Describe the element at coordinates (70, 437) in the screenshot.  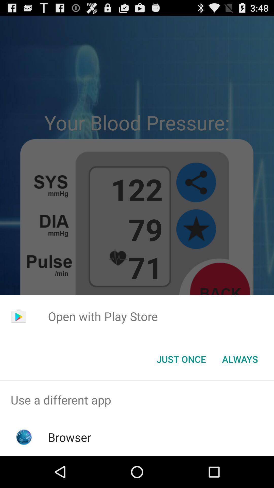
I see `browser app` at that location.